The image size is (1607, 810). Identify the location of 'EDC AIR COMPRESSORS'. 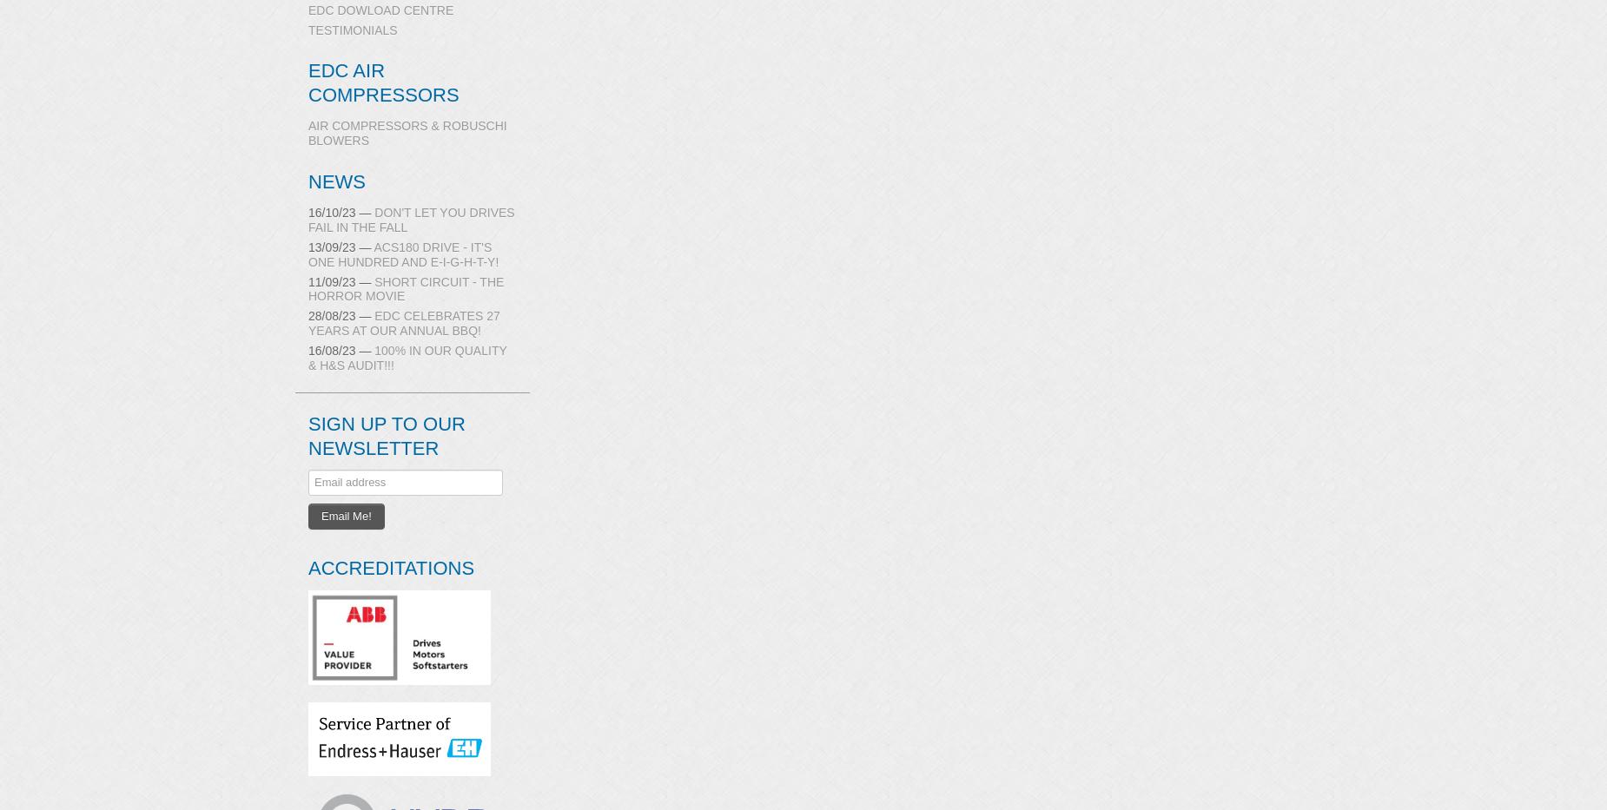
(382, 82).